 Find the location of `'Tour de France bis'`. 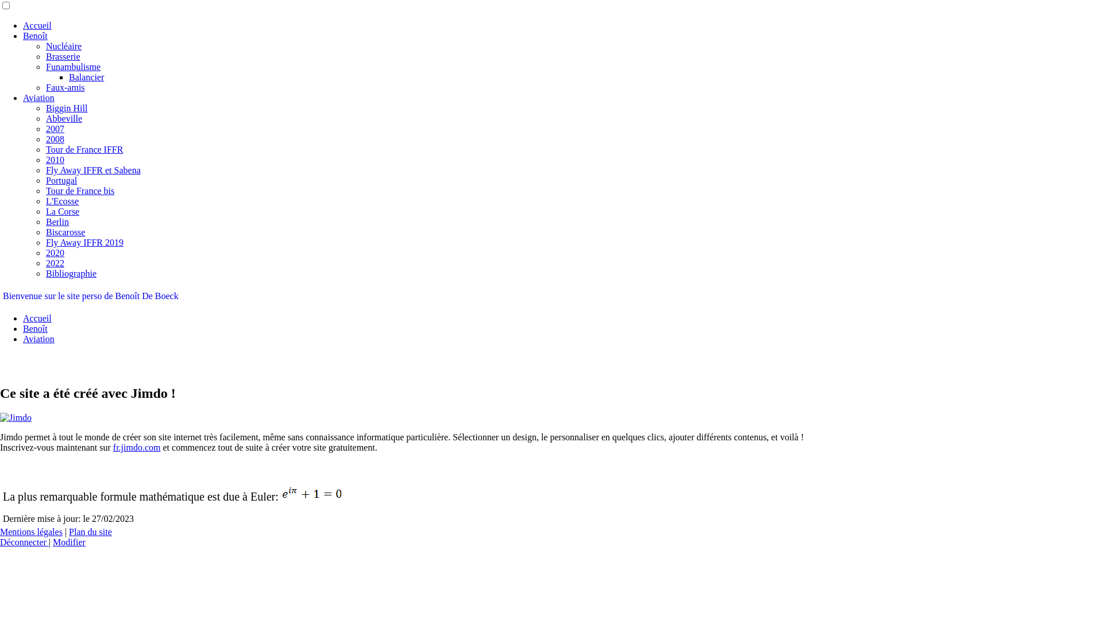

'Tour de France bis' is located at coordinates (79, 190).